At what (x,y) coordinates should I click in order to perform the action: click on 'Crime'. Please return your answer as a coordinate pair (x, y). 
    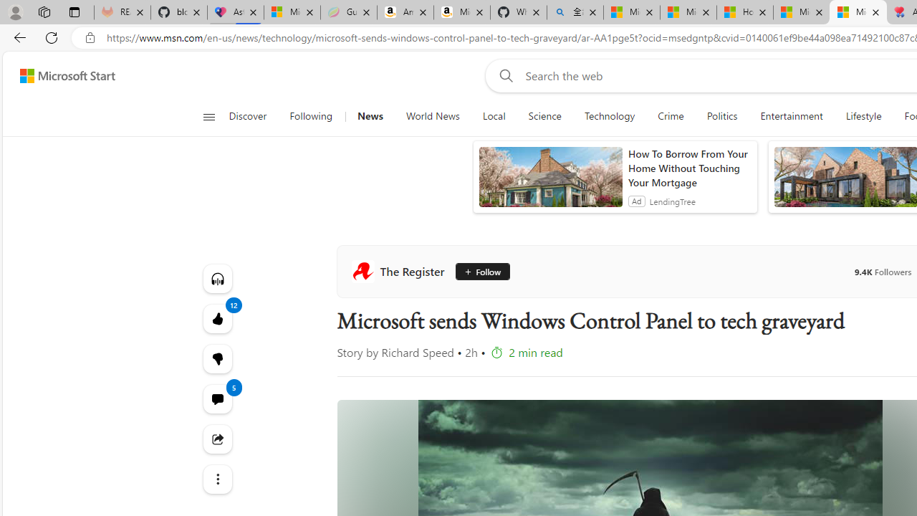
    Looking at the image, I should click on (670, 116).